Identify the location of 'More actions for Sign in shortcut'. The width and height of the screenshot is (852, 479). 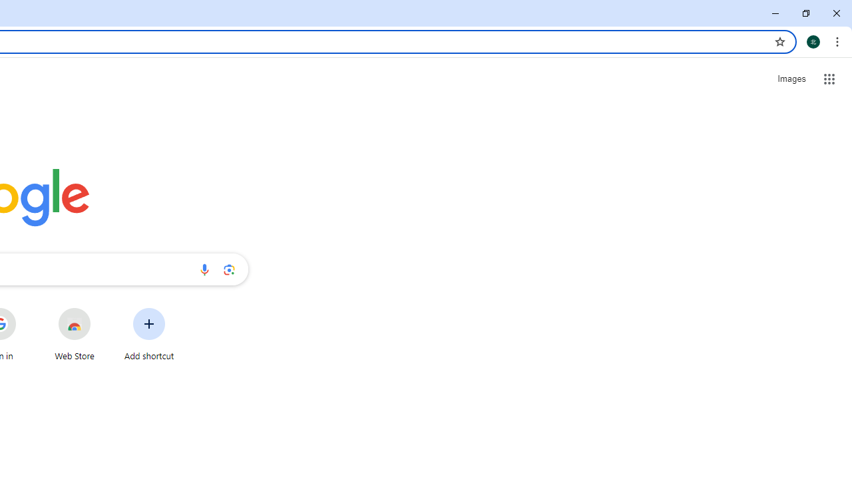
(26, 309).